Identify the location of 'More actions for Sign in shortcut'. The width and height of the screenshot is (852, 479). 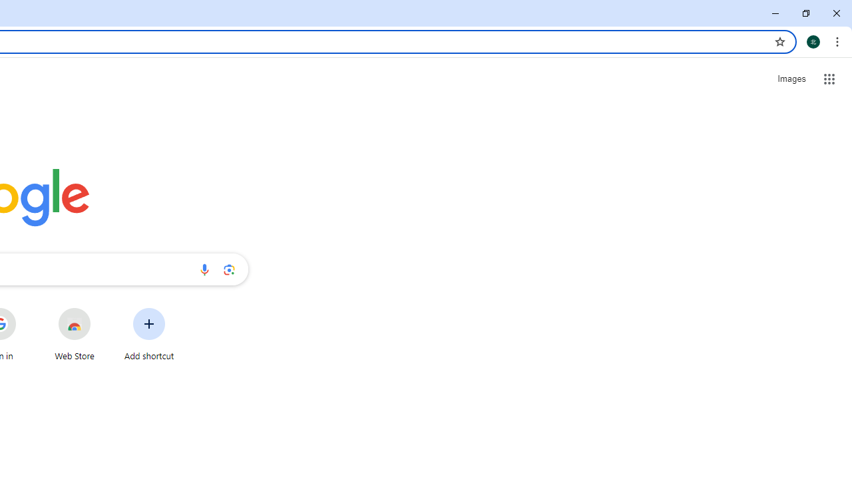
(26, 309).